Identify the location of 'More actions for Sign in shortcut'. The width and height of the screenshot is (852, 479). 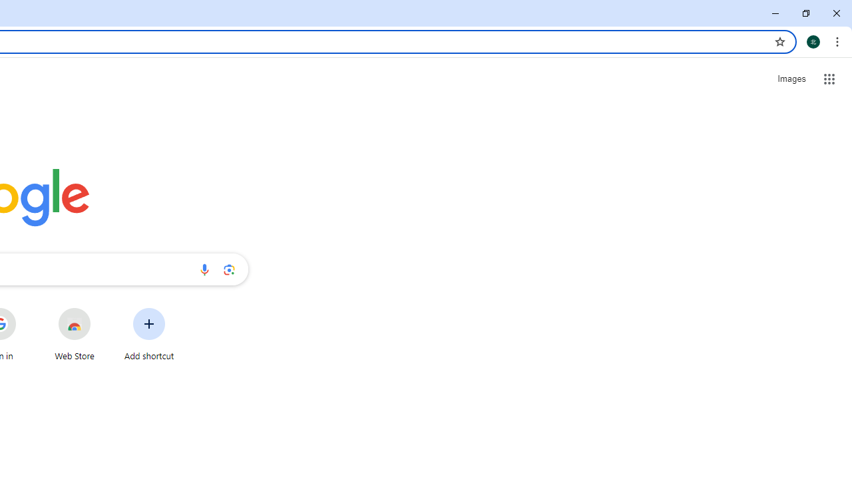
(26, 309).